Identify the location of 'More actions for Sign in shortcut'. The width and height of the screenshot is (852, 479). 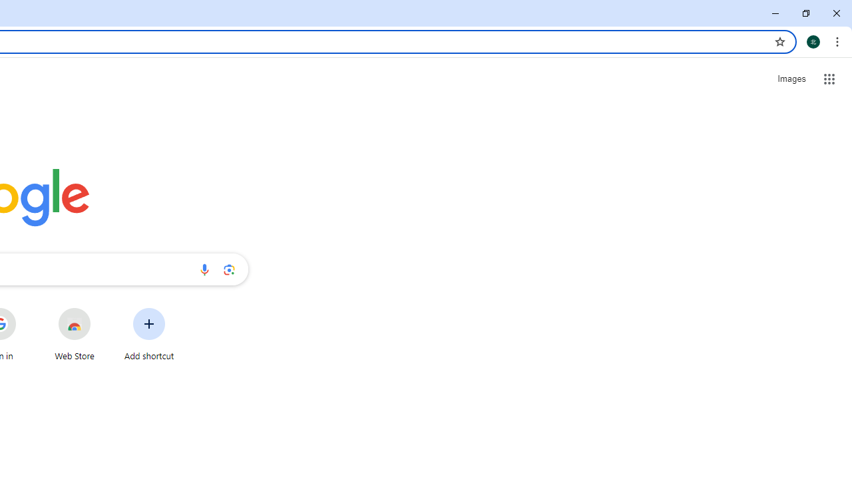
(26, 309).